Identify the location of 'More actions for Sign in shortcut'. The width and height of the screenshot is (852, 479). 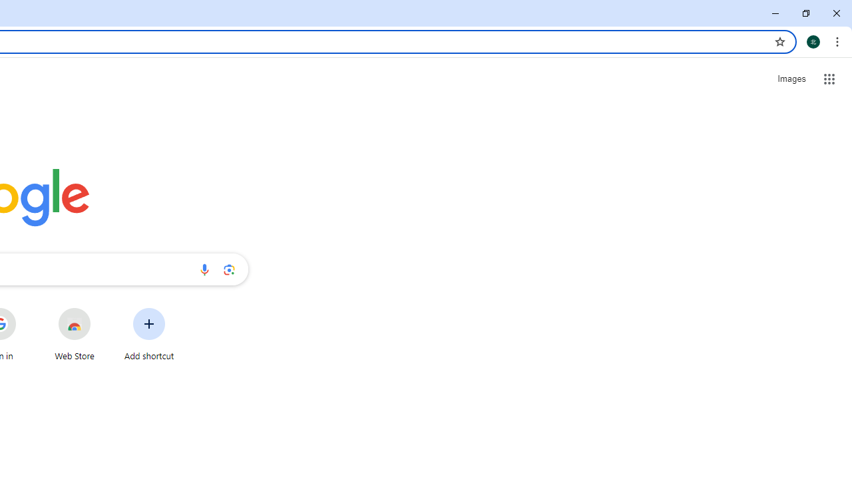
(26, 309).